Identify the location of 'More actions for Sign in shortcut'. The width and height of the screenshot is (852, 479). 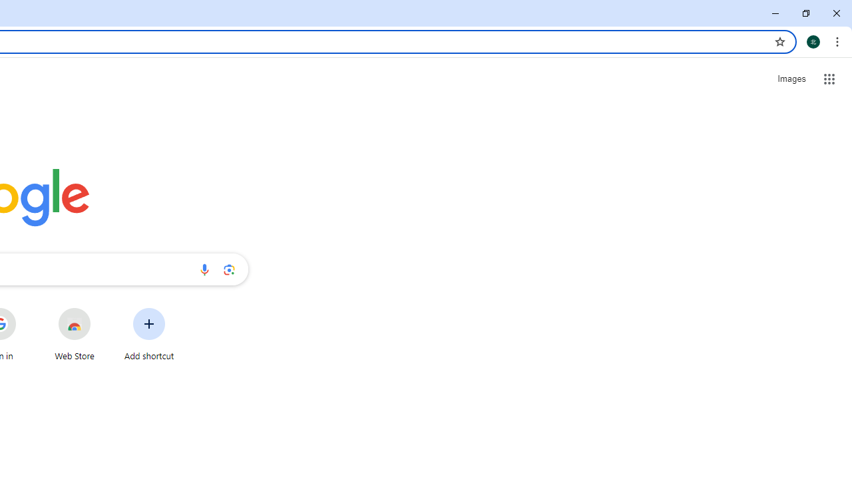
(26, 309).